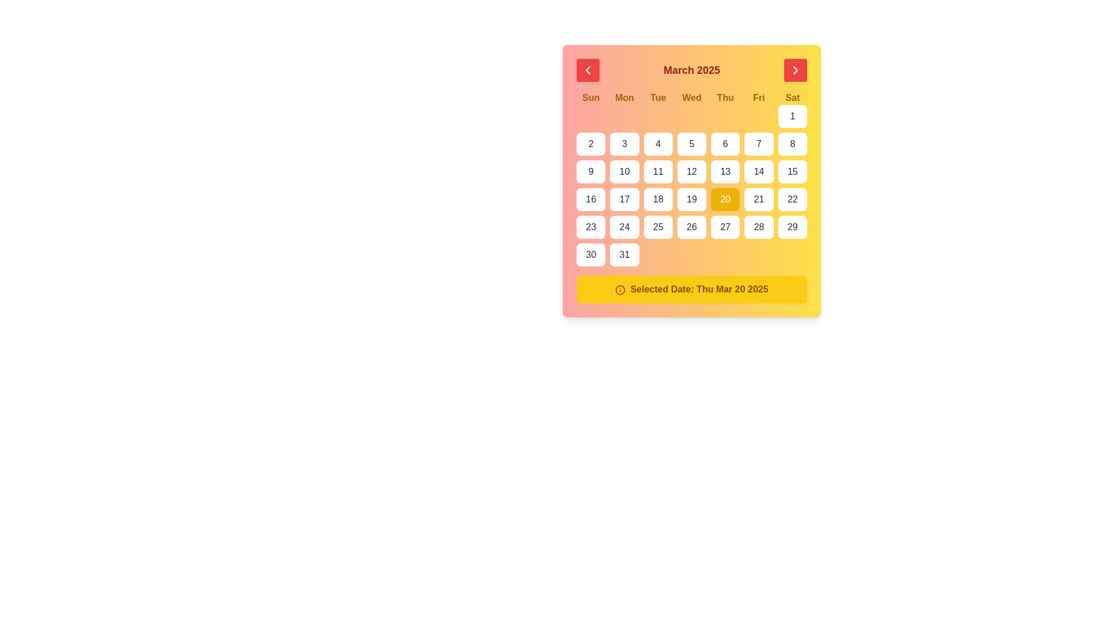 The image size is (1107, 623). I want to click on the button labeled '22' with a white background and dark gray text, located in the last column of the calendar grid for the week starting on the 16th, so click(792, 199).